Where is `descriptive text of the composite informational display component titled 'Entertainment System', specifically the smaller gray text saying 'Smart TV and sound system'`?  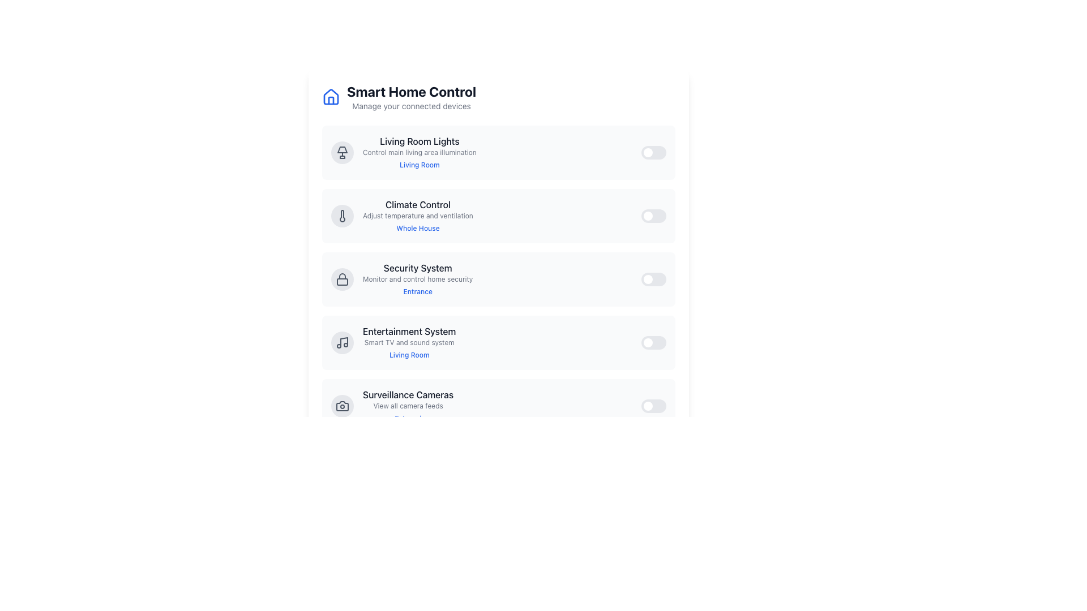
descriptive text of the composite informational display component titled 'Entertainment System', specifically the smaller gray text saying 'Smart TV and sound system' is located at coordinates (409, 342).